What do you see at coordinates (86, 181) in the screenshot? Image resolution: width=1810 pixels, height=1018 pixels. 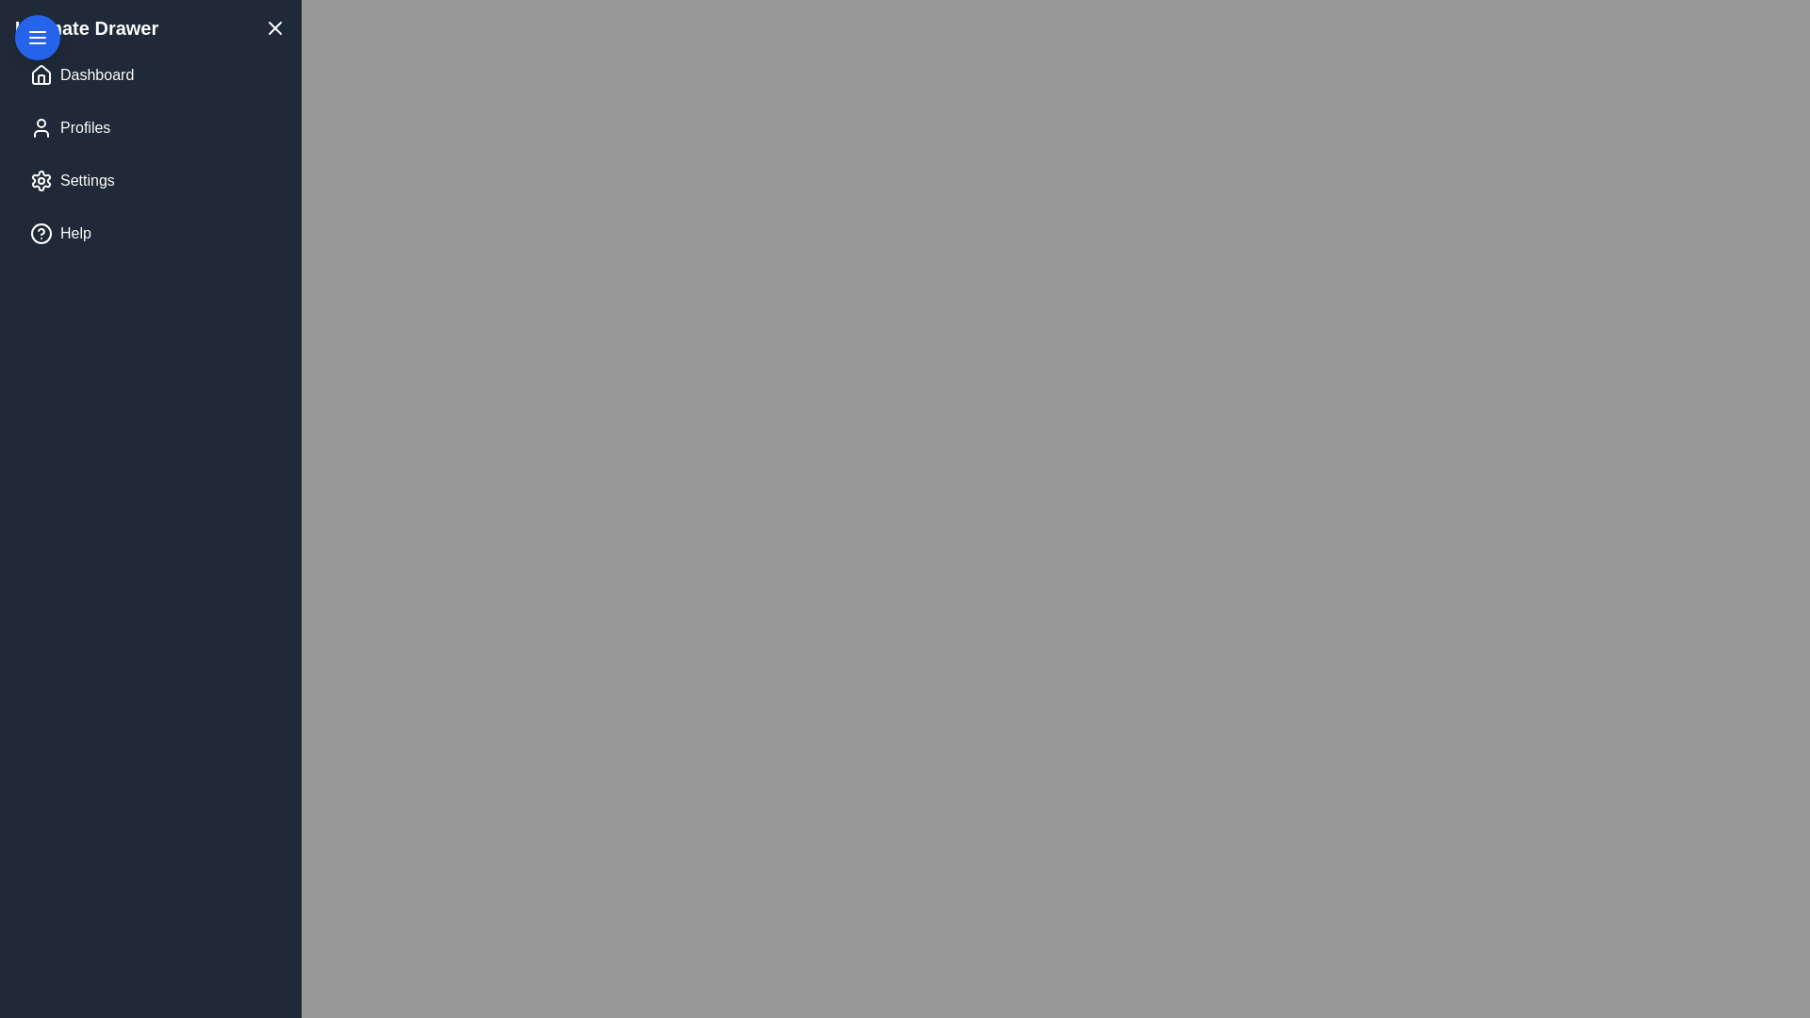 I see `the settings menu item located third in the vertical list of the sidebar, positioned between the 'Profiles' and 'Help' menu options` at bounding box center [86, 181].